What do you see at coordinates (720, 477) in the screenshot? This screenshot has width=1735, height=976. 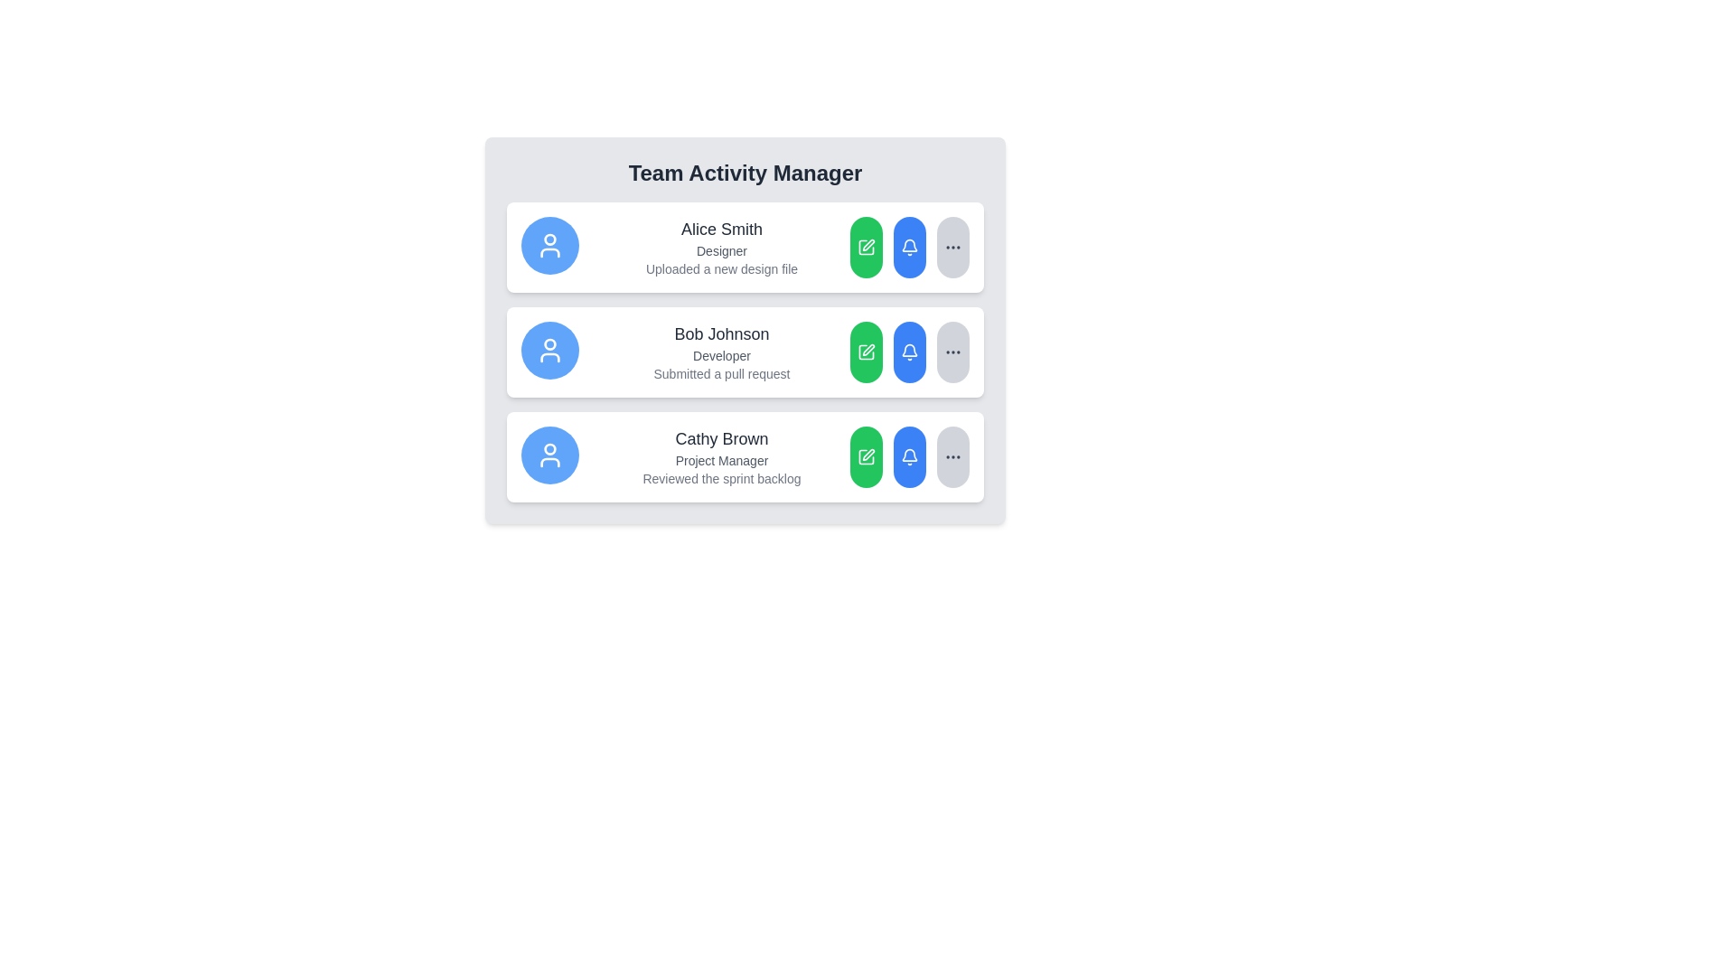 I see `the text label that says 'Reviewed the sprint backlog', which is styled in gray and is the third line under 'Cathy Brown' and 'Project Manager'` at bounding box center [720, 477].